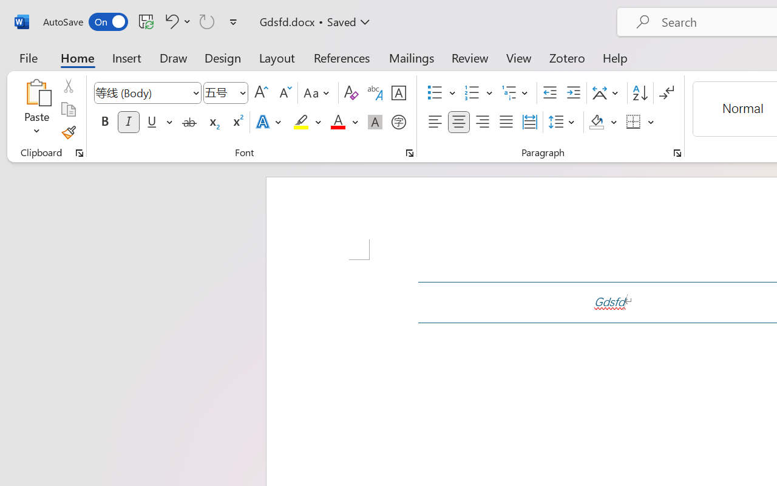 Image resolution: width=777 pixels, height=486 pixels. What do you see at coordinates (666, 93) in the screenshot?
I see `'Show/Hide Editing Marks'` at bounding box center [666, 93].